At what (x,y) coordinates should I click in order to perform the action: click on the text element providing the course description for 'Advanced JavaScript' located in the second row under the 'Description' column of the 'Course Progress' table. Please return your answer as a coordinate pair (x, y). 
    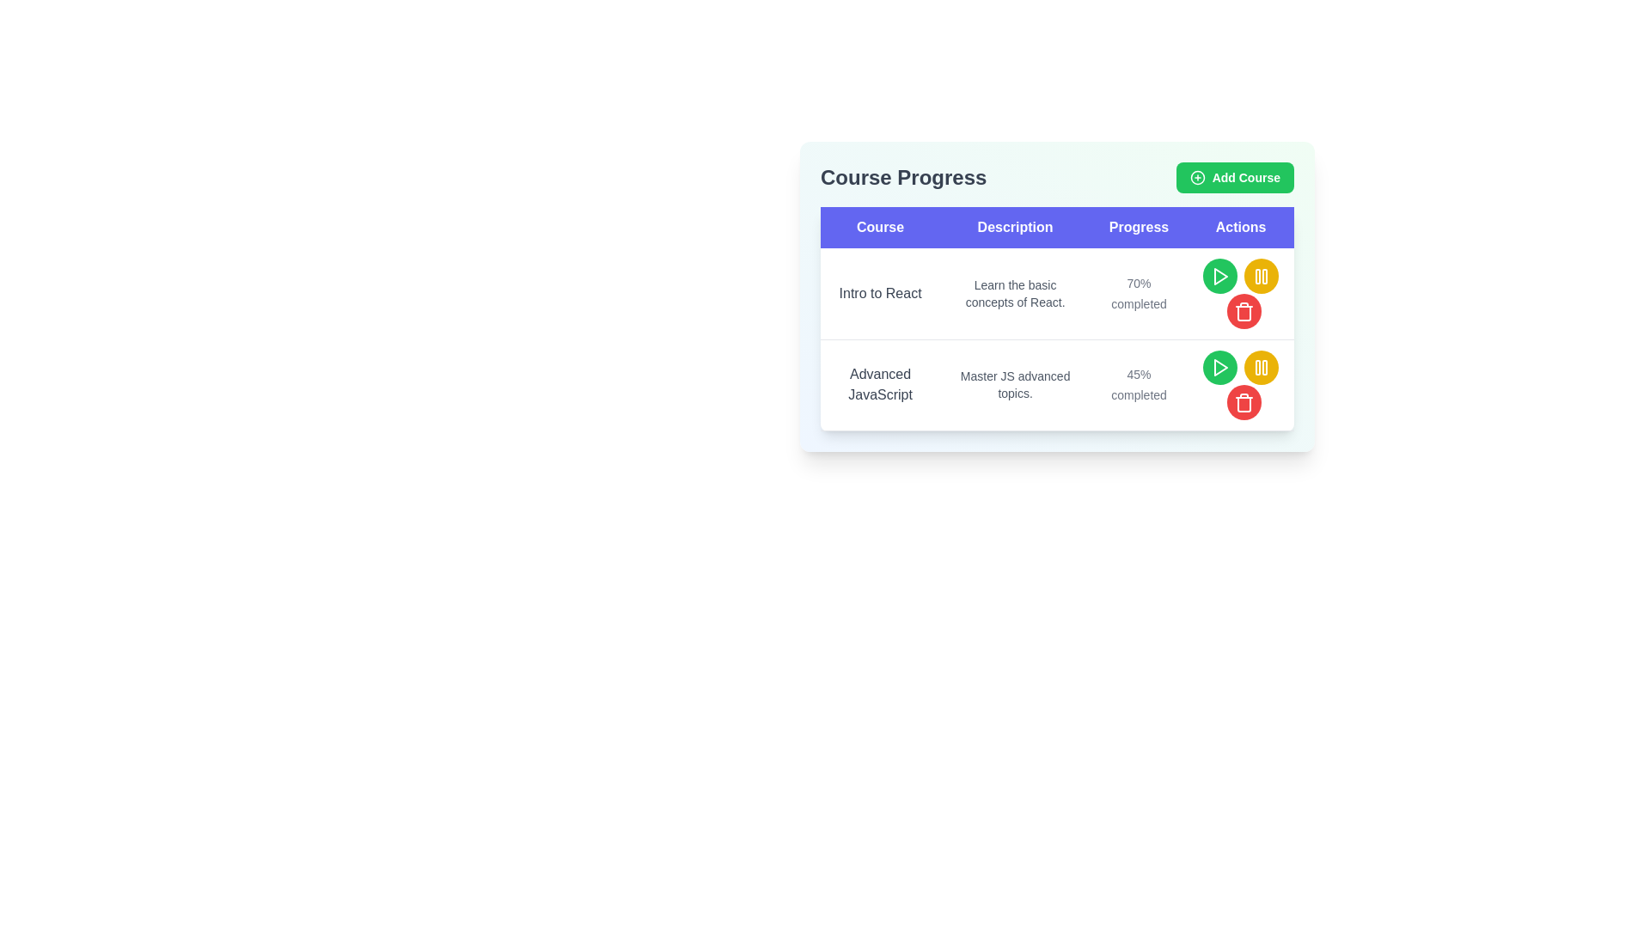
    Looking at the image, I should click on (1015, 384).